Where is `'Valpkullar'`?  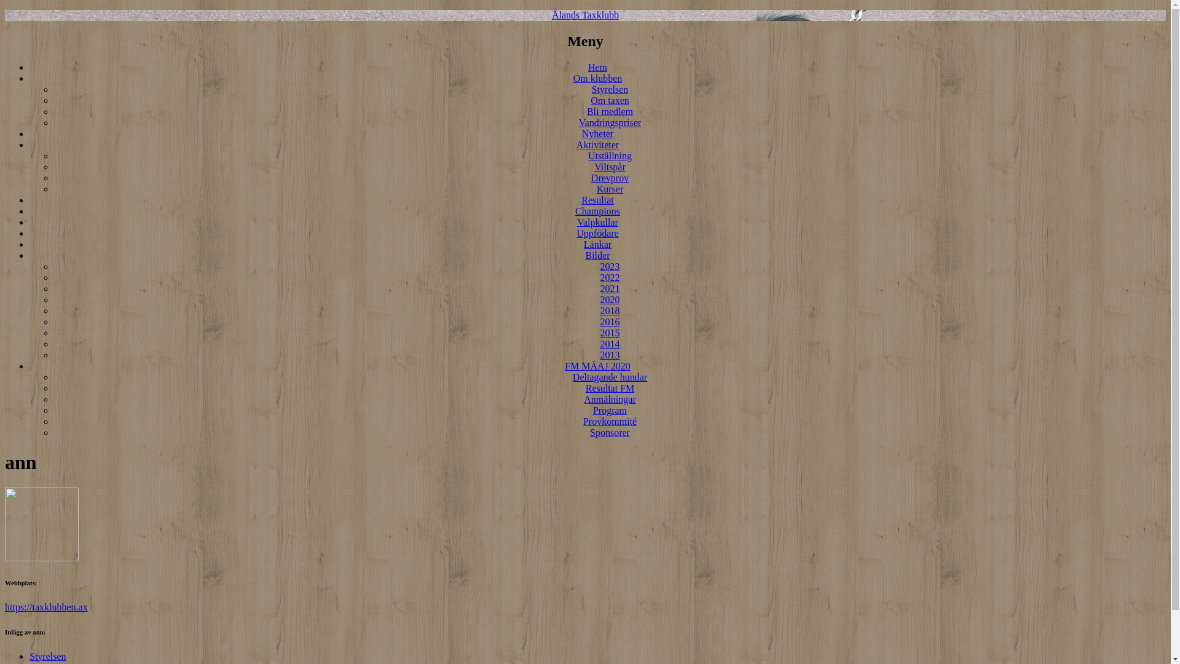 'Valpkullar' is located at coordinates (597, 222).